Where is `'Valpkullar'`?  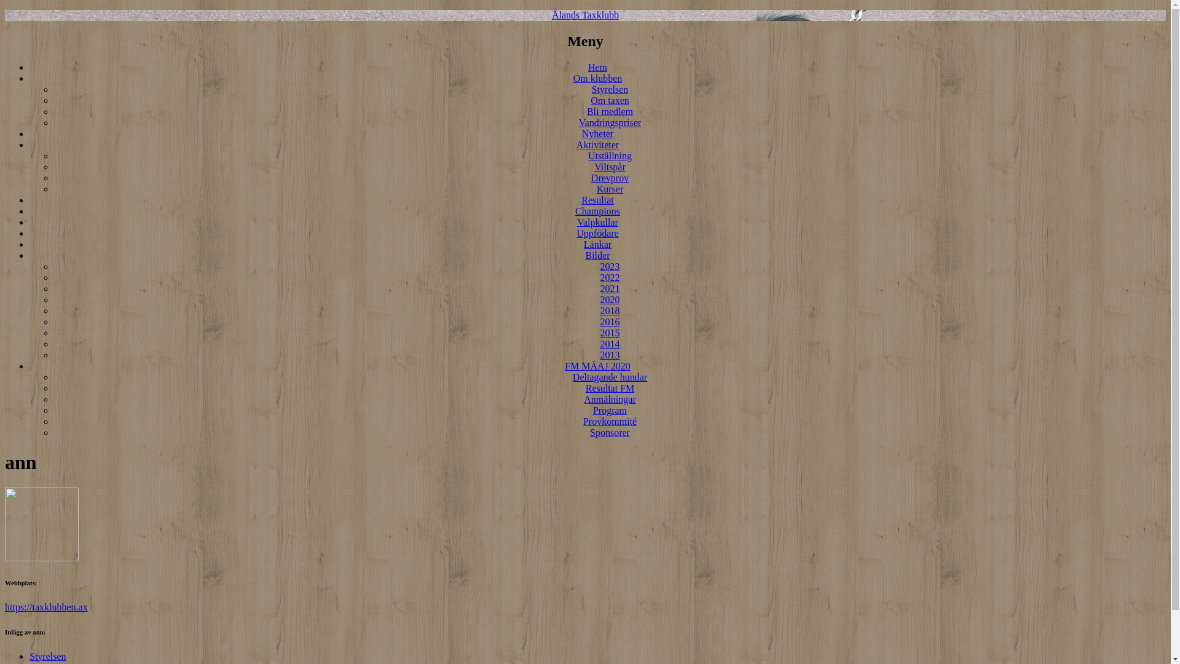 'Valpkullar' is located at coordinates (597, 222).